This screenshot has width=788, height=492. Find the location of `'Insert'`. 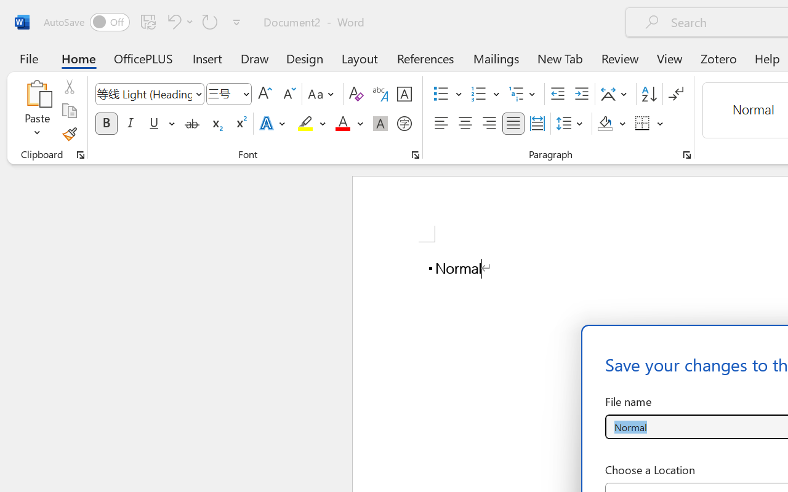

'Insert' is located at coordinates (207, 58).